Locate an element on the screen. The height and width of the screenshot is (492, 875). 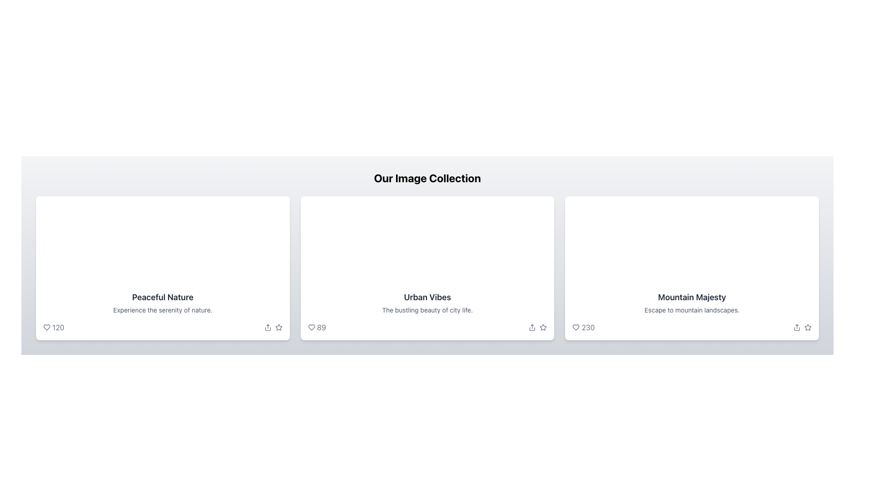
the 'Urban Vibes' text label element, which is styled in bold dark gray and positioned at the top-center of the middle card in a row of three cards is located at coordinates (427, 297).